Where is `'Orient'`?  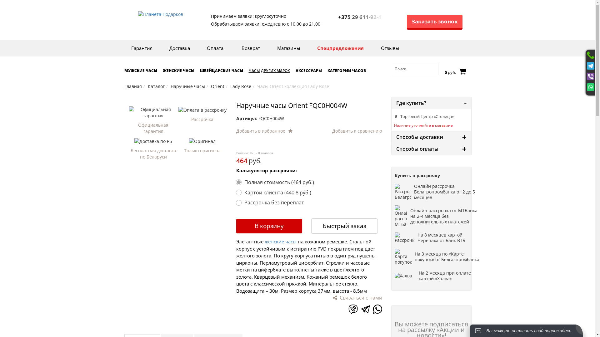 'Orient' is located at coordinates (217, 86).